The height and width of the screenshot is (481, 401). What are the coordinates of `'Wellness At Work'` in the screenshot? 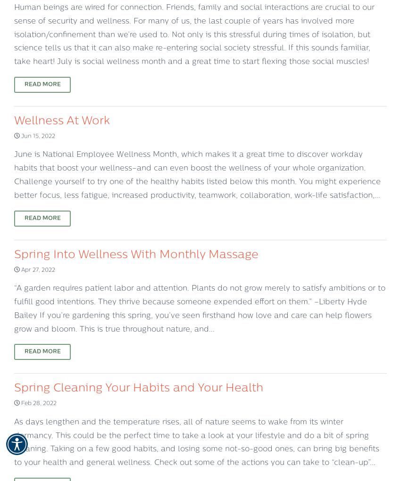 It's located at (62, 120).